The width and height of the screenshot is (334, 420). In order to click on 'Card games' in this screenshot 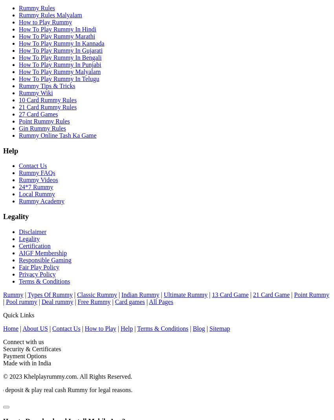, I will do `click(129, 301)`.